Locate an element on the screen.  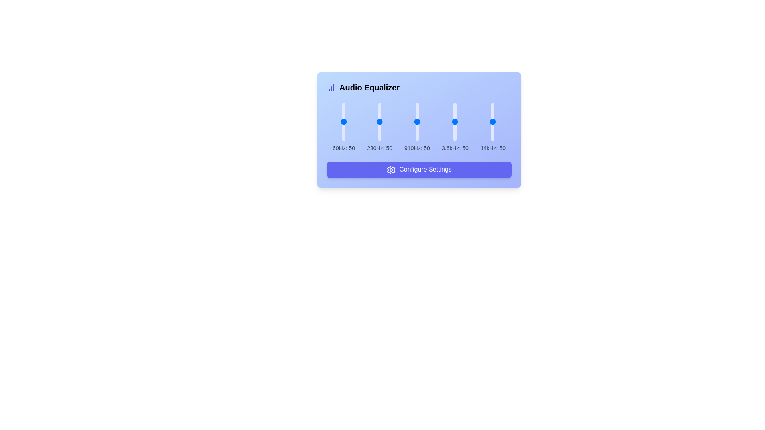
the static text displaying '60Hz: 50' located at the bottom of the first column in the Audio Equalizer section is located at coordinates (344, 148).